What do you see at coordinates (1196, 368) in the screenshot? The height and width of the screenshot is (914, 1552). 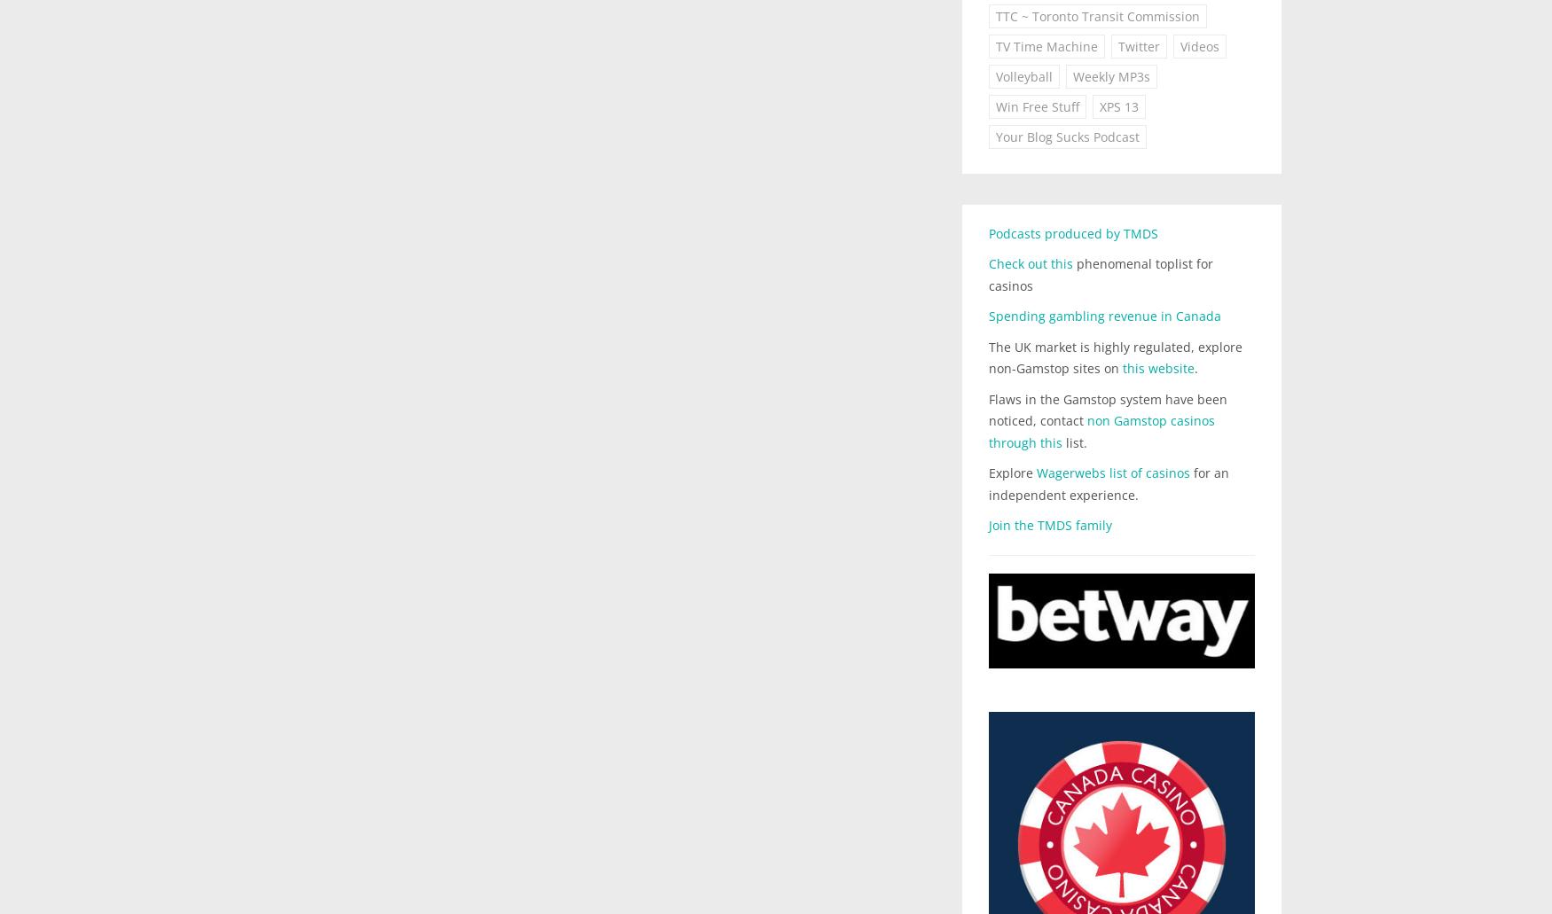 I see `'.'` at bounding box center [1196, 368].